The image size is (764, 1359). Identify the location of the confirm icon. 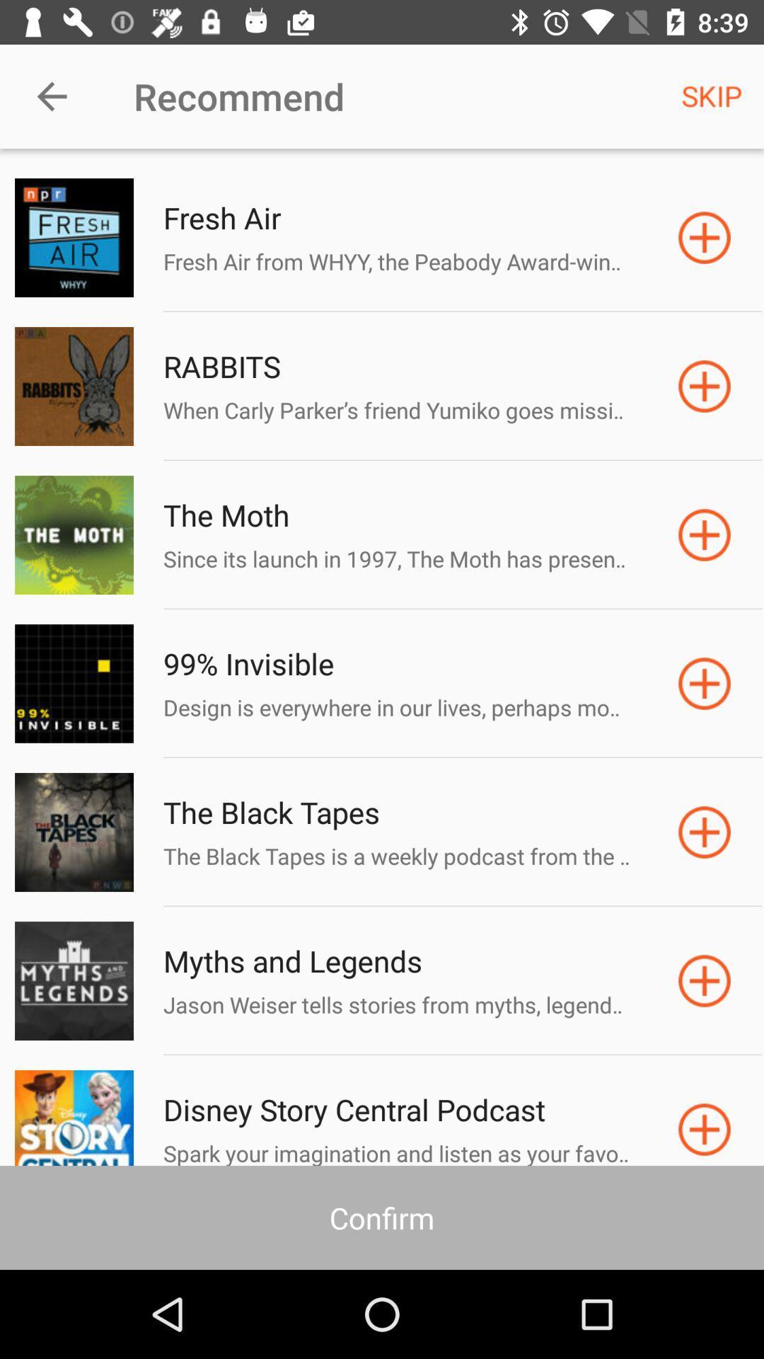
(382, 1217).